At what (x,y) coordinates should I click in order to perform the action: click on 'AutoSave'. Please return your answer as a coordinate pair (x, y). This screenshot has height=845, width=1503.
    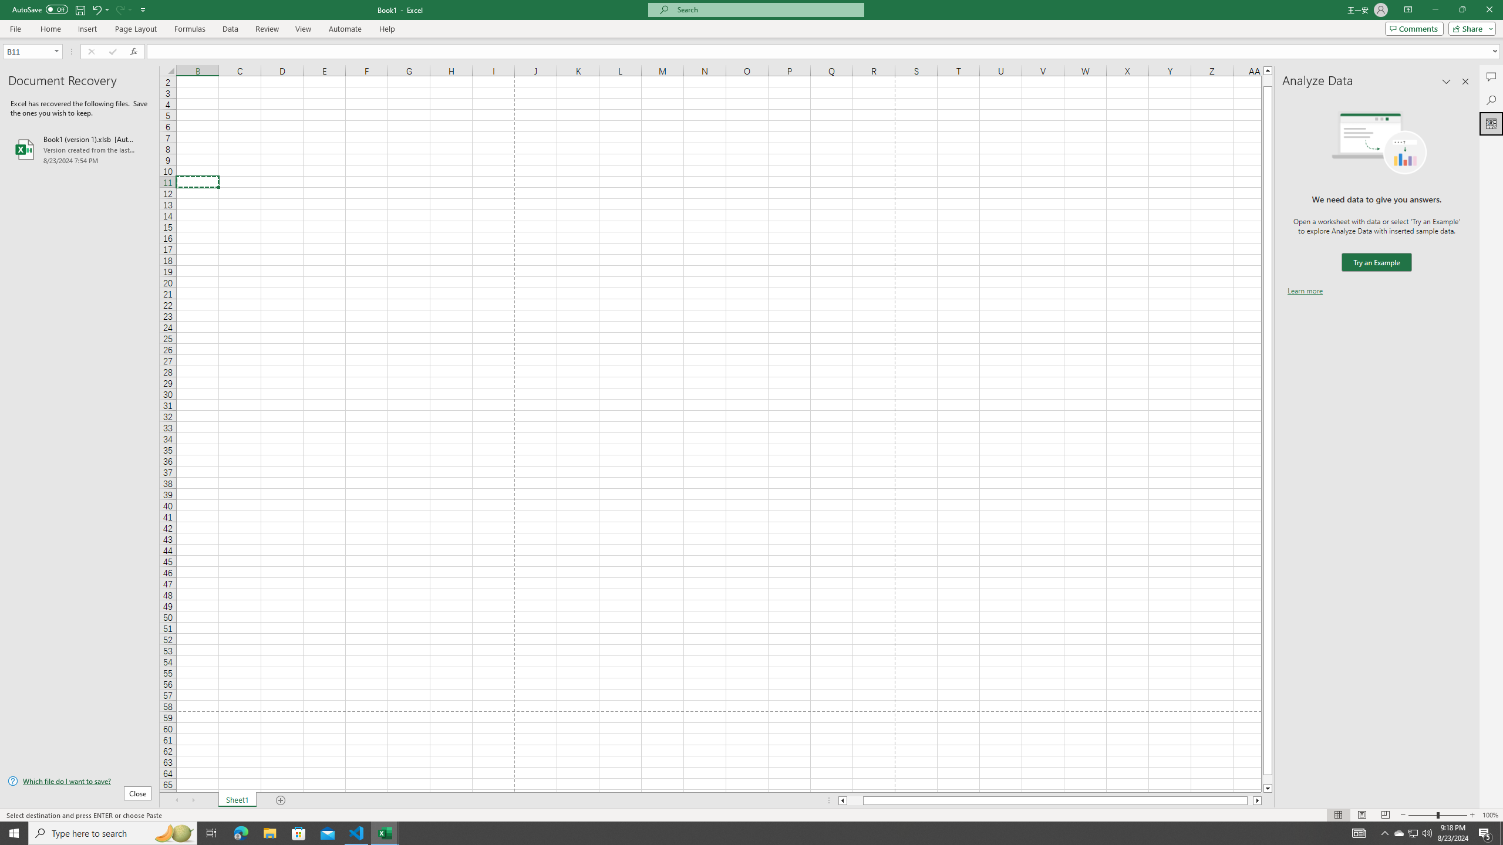
    Looking at the image, I should click on (41, 9).